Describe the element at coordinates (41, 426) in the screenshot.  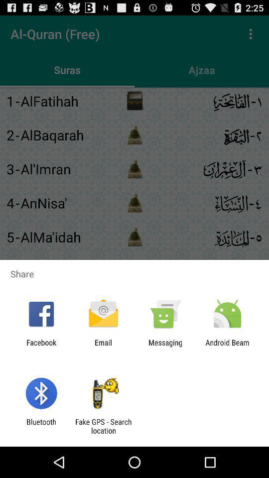
I see `the item to the left of fake gps search app` at that location.